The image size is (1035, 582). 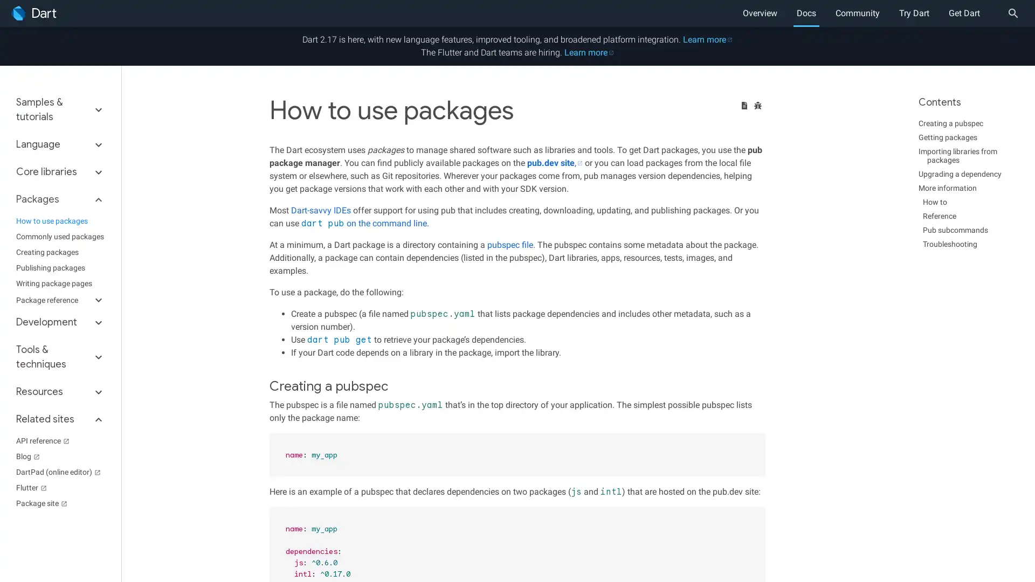 What do you see at coordinates (60, 322) in the screenshot?
I see `Development keyboard_arrow_down` at bounding box center [60, 322].